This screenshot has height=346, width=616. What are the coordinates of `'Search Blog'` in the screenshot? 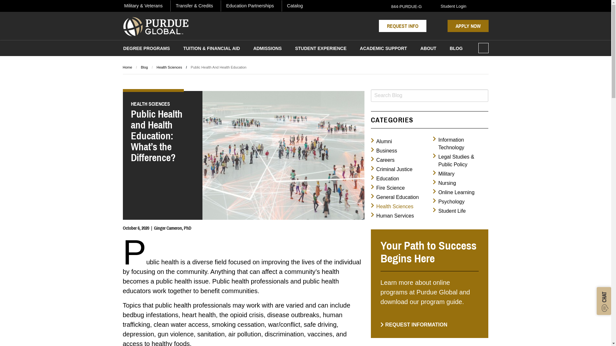 It's located at (430, 95).